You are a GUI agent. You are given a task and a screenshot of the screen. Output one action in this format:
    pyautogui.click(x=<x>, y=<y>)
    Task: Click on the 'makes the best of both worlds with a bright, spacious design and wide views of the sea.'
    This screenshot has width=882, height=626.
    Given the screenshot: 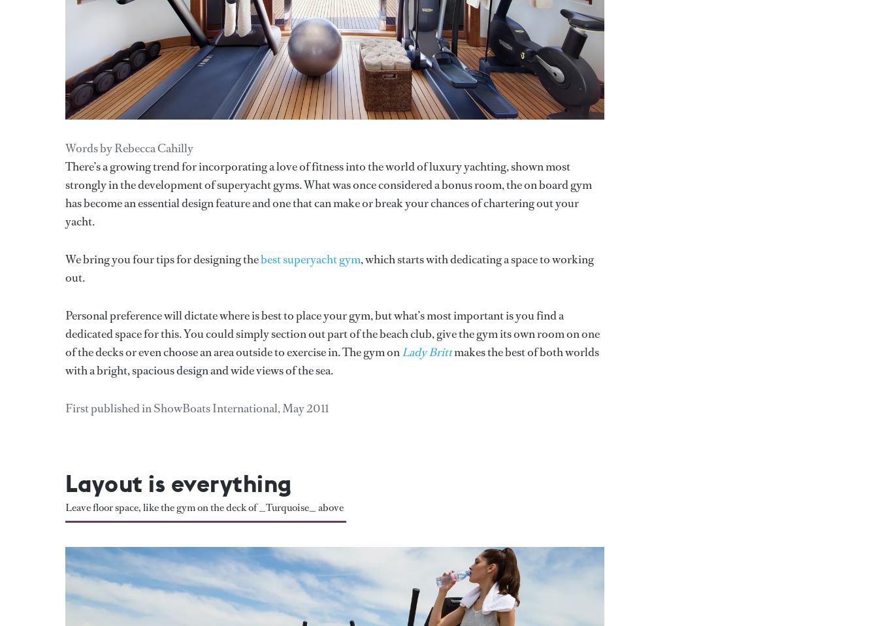 What is the action you would take?
    pyautogui.click(x=65, y=359)
    